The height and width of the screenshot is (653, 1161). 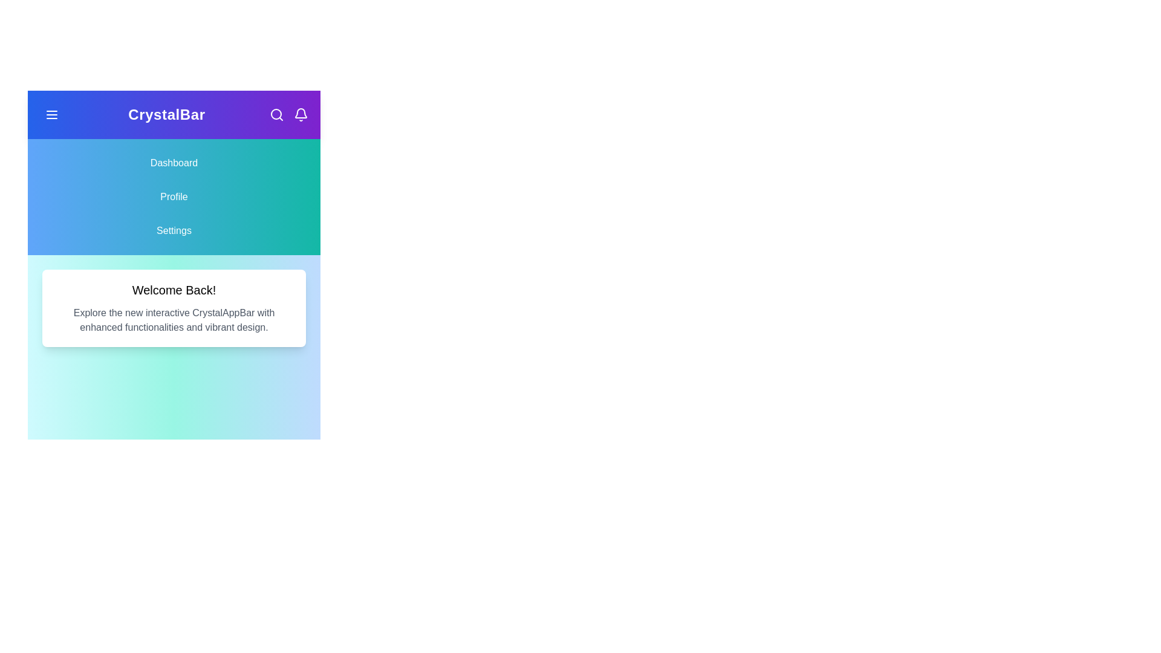 I want to click on the Profile navigation item to navigate to the corresponding section, so click(x=174, y=197).